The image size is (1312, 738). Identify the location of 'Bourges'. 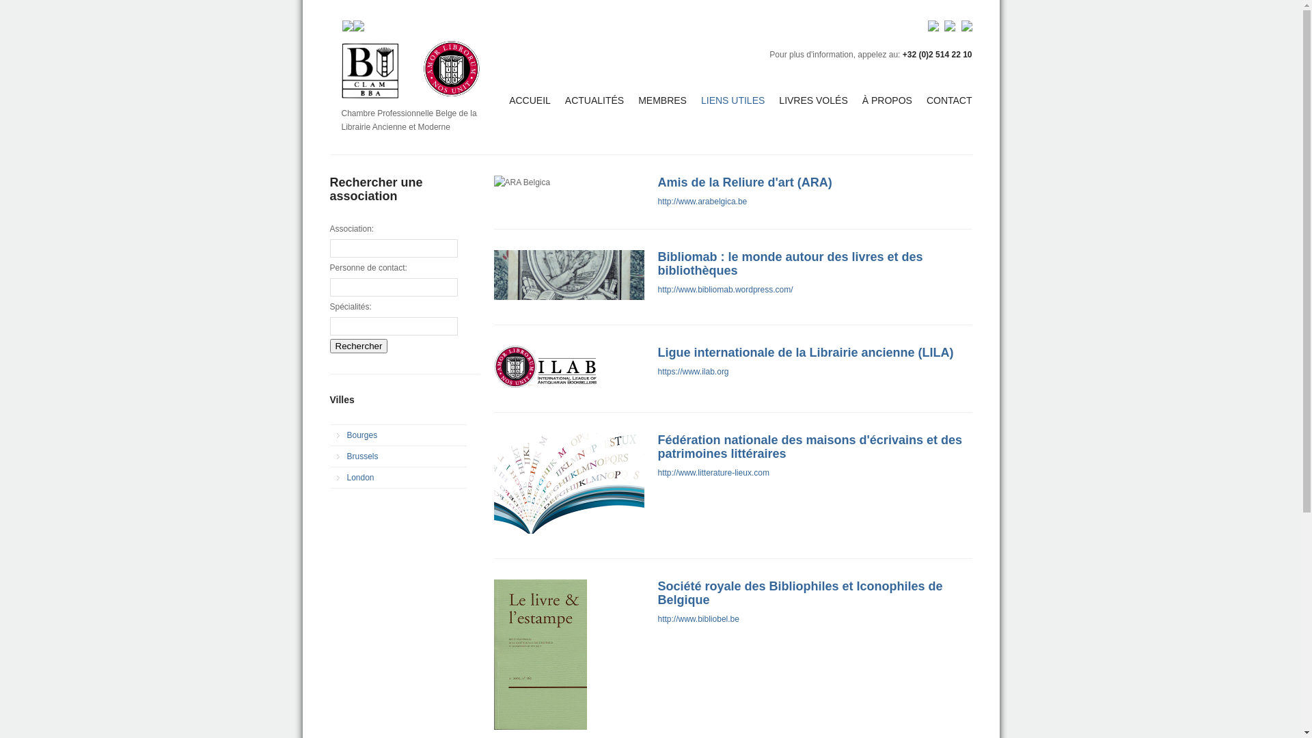
(396, 435).